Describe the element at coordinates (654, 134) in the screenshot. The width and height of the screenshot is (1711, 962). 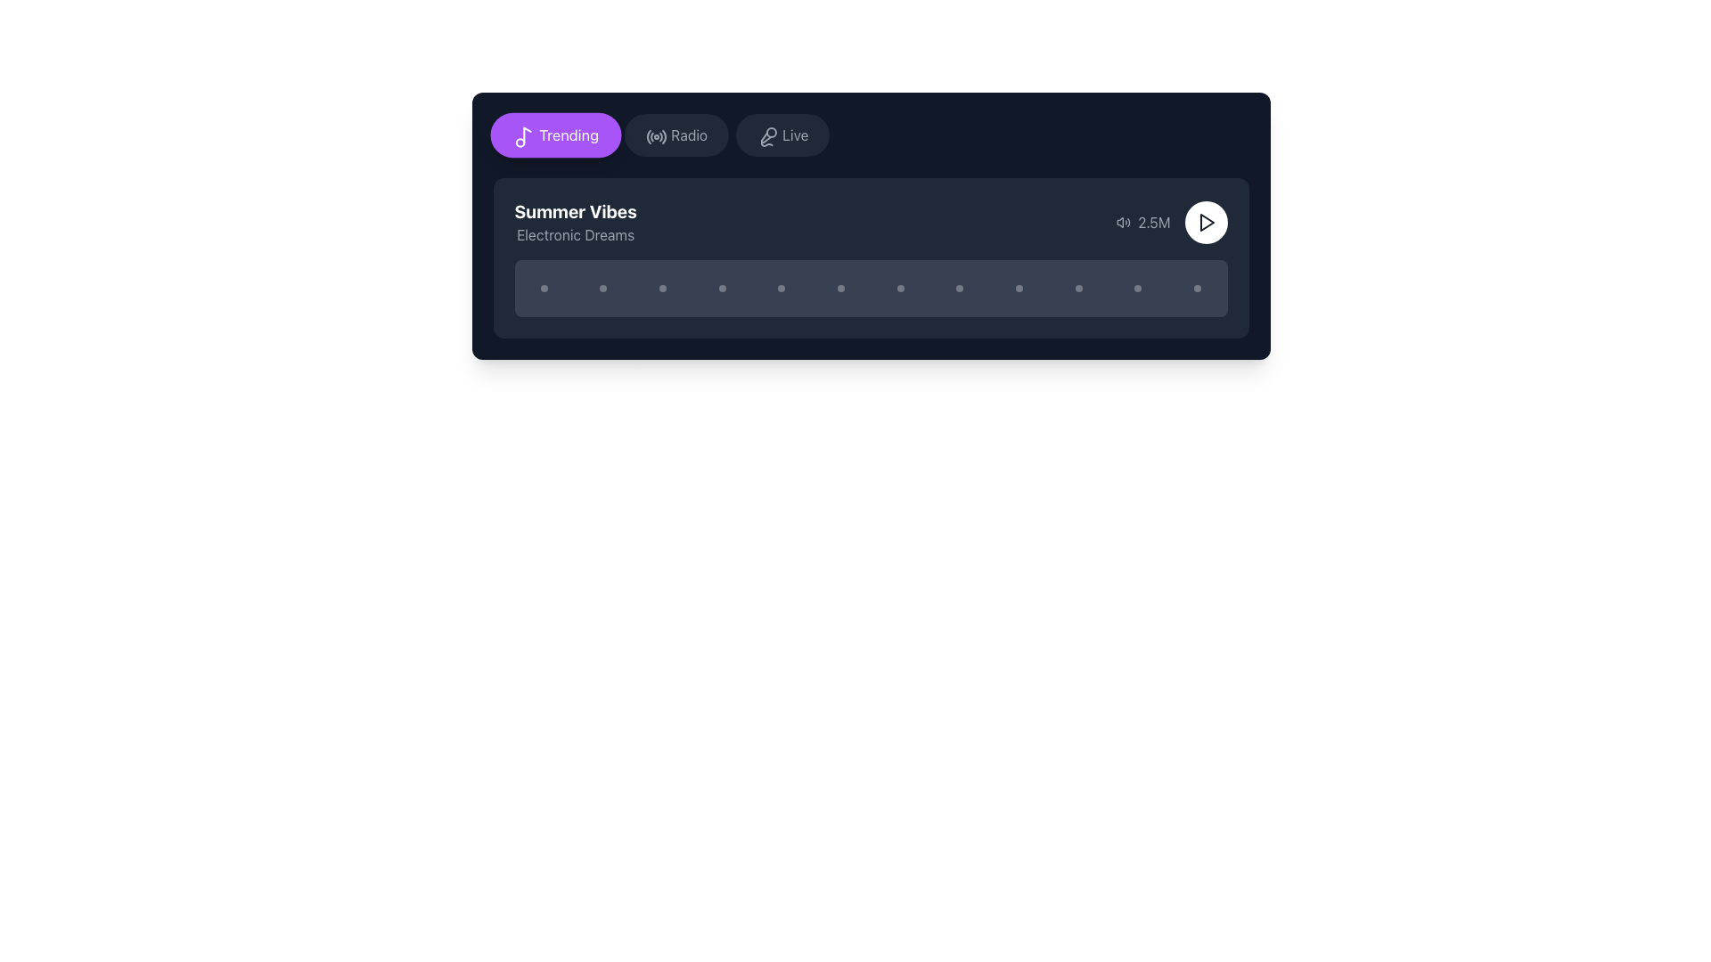
I see `the 'Radio' feature icon, which is the leftmost graphical component in the horizontal menu bar near the top of the interface` at that location.